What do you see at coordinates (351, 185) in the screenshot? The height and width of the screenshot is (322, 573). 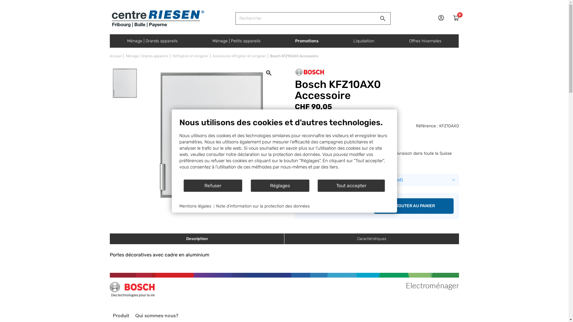 I see `'Tout accepter'` at bounding box center [351, 185].